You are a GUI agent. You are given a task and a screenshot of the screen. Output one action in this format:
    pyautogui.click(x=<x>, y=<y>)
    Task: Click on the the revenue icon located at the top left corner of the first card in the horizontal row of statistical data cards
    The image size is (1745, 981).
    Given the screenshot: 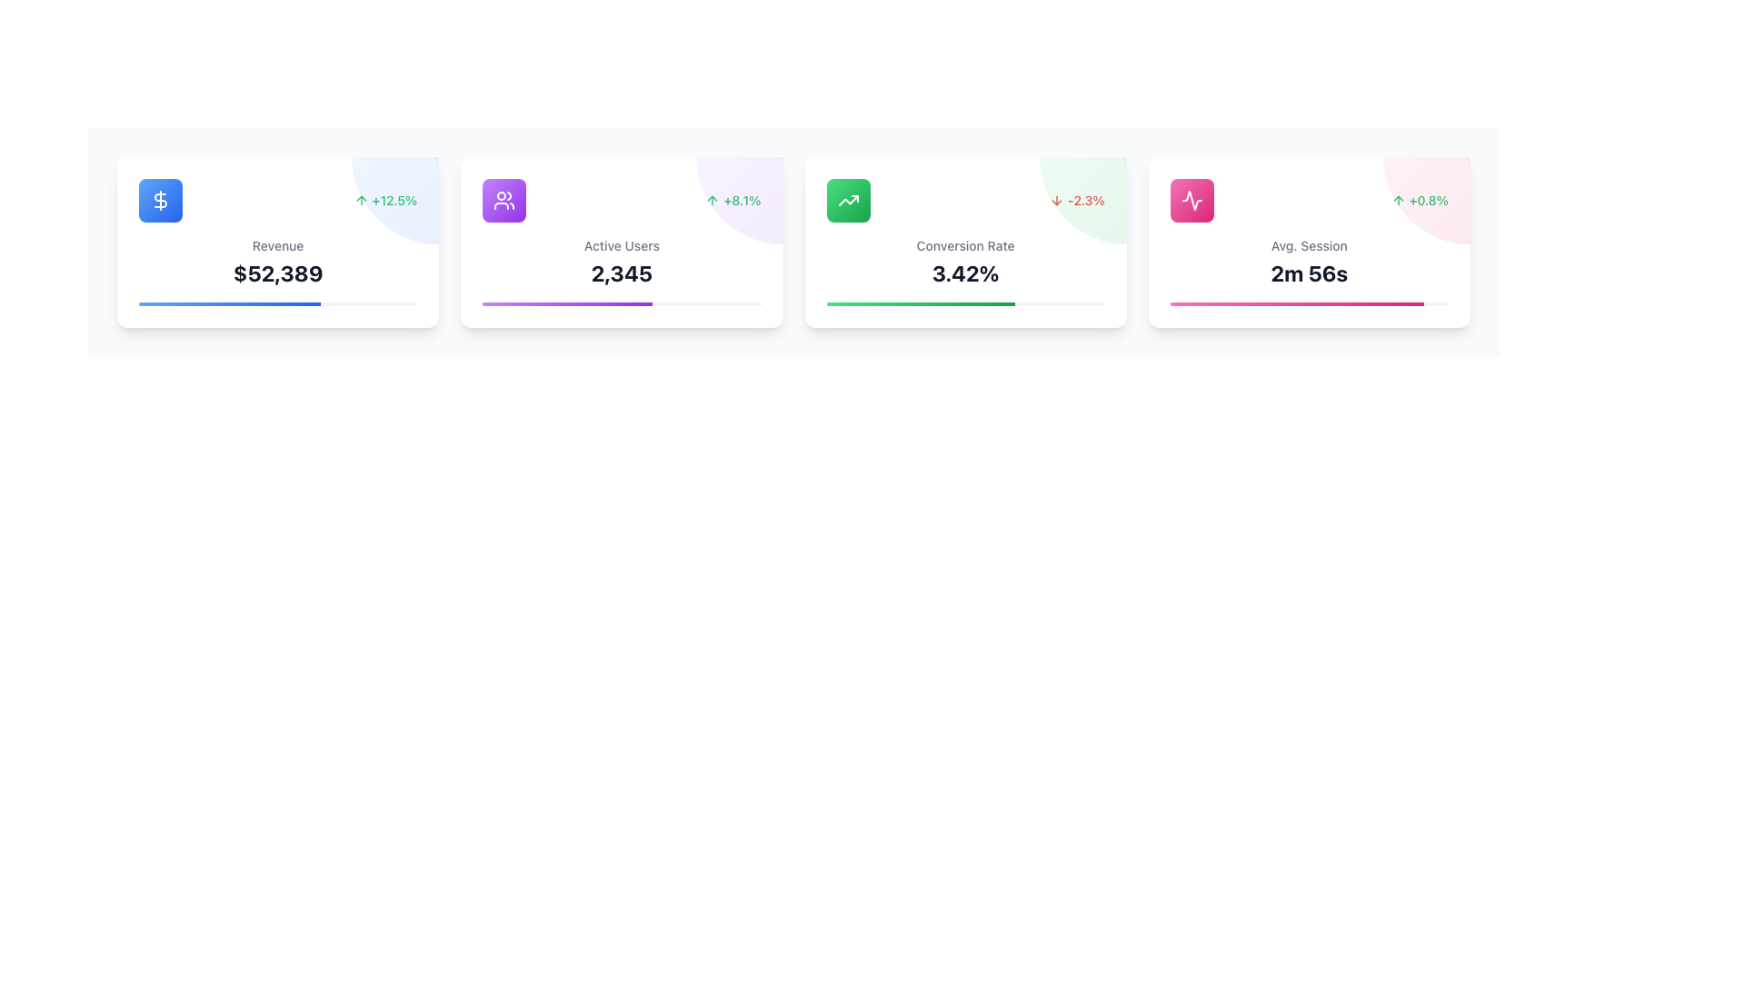 What is the action you would take?
    pyautogui.click(x=161, y=200)
    